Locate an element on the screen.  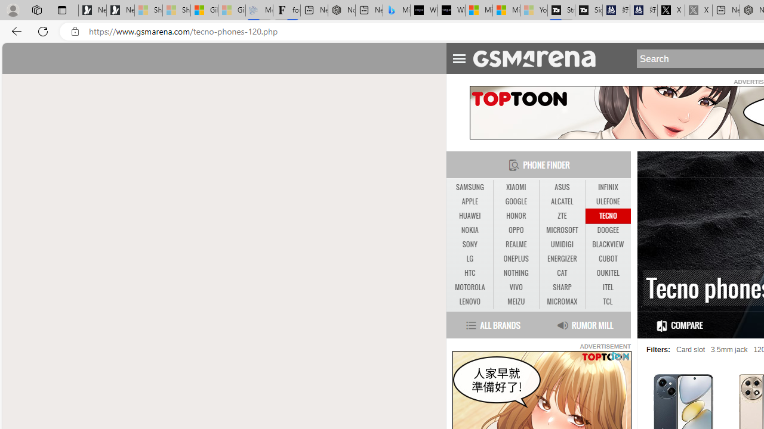
'View site information' is located at coordinates (75, 31).